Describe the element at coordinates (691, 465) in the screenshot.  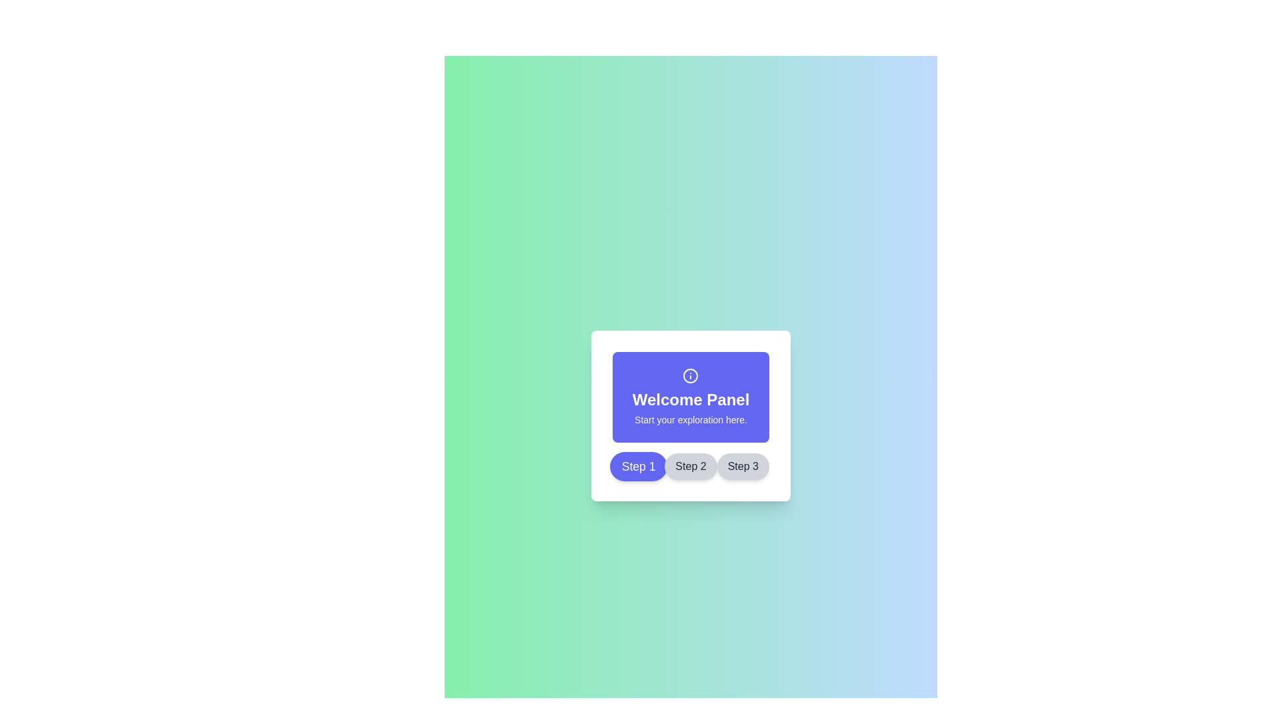
I see `the second button in the navigation sequence located below the 'Welcome Panel'` at that location.